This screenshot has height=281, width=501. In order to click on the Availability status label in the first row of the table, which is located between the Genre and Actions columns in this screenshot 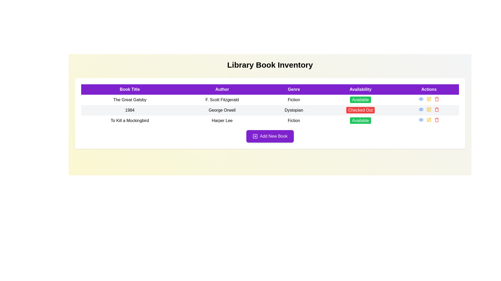, I will do `click(360, 100)`.